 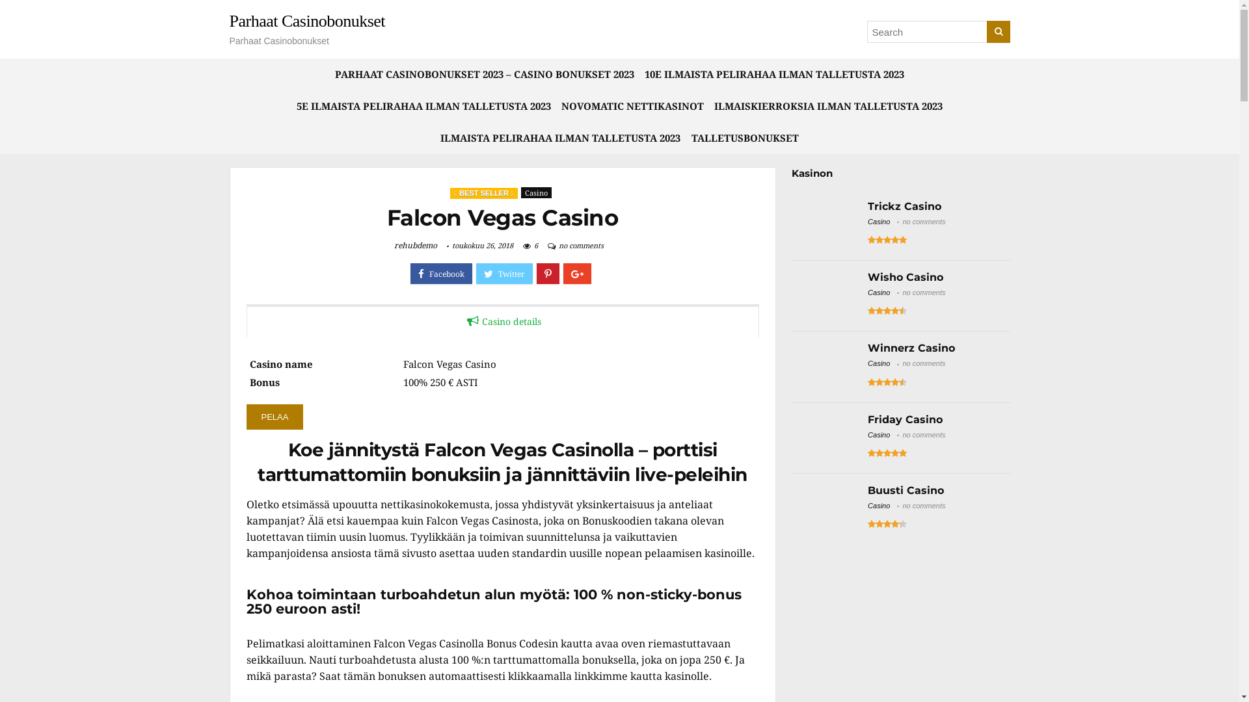 What do you see at coordinates (878, 505) in the screenshot?
I see `'Casino'` at bounding box center [878, 505].